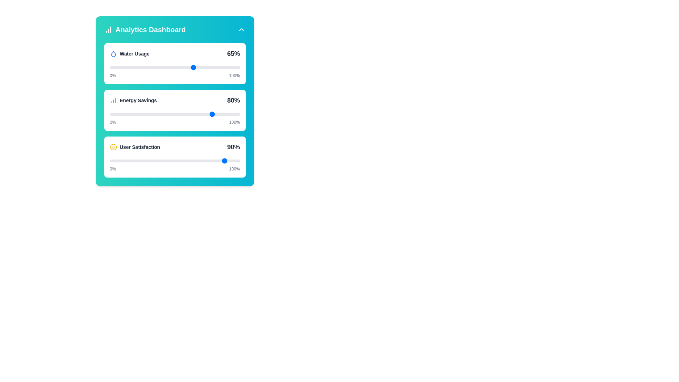 The width and height of the screenshot is (679, 382). What do you see at coordinates (113, 147) in the screenshot?
I see `the yellow smiley face icon located in the 'User Satisfaction' section of the dashboard, which is positioned to the left of the text 'User Satisfaction'` at bounding box center [113, 147].